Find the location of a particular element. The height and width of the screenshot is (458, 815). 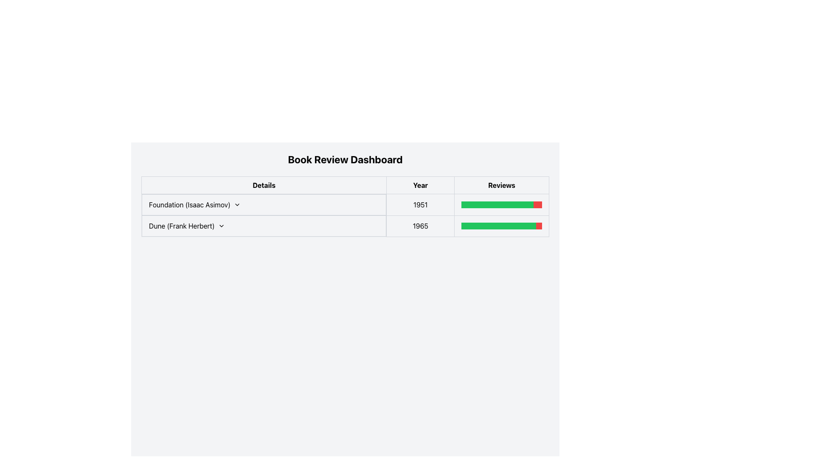

the progress bar in the first table row that displays detailed information about a specific book, located above the row for 'Dune (Frank Herbert)' is located at coordinates (345, 215).